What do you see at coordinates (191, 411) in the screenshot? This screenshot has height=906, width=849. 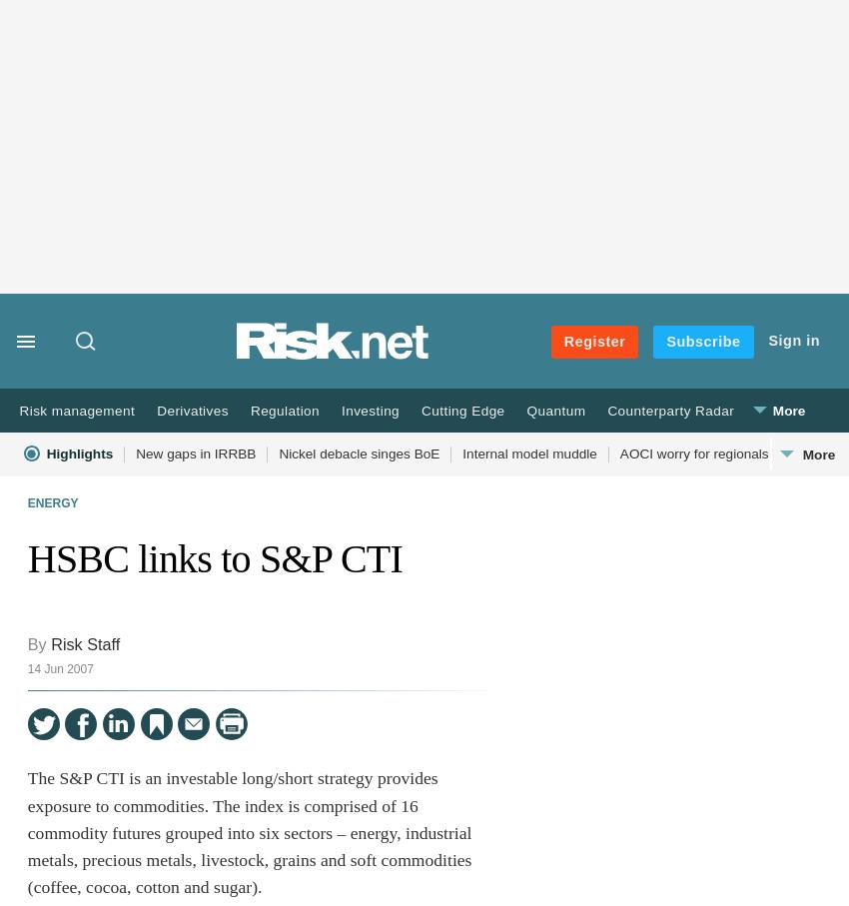 I see `'Derivatives'` at bounding box center [191, 411].